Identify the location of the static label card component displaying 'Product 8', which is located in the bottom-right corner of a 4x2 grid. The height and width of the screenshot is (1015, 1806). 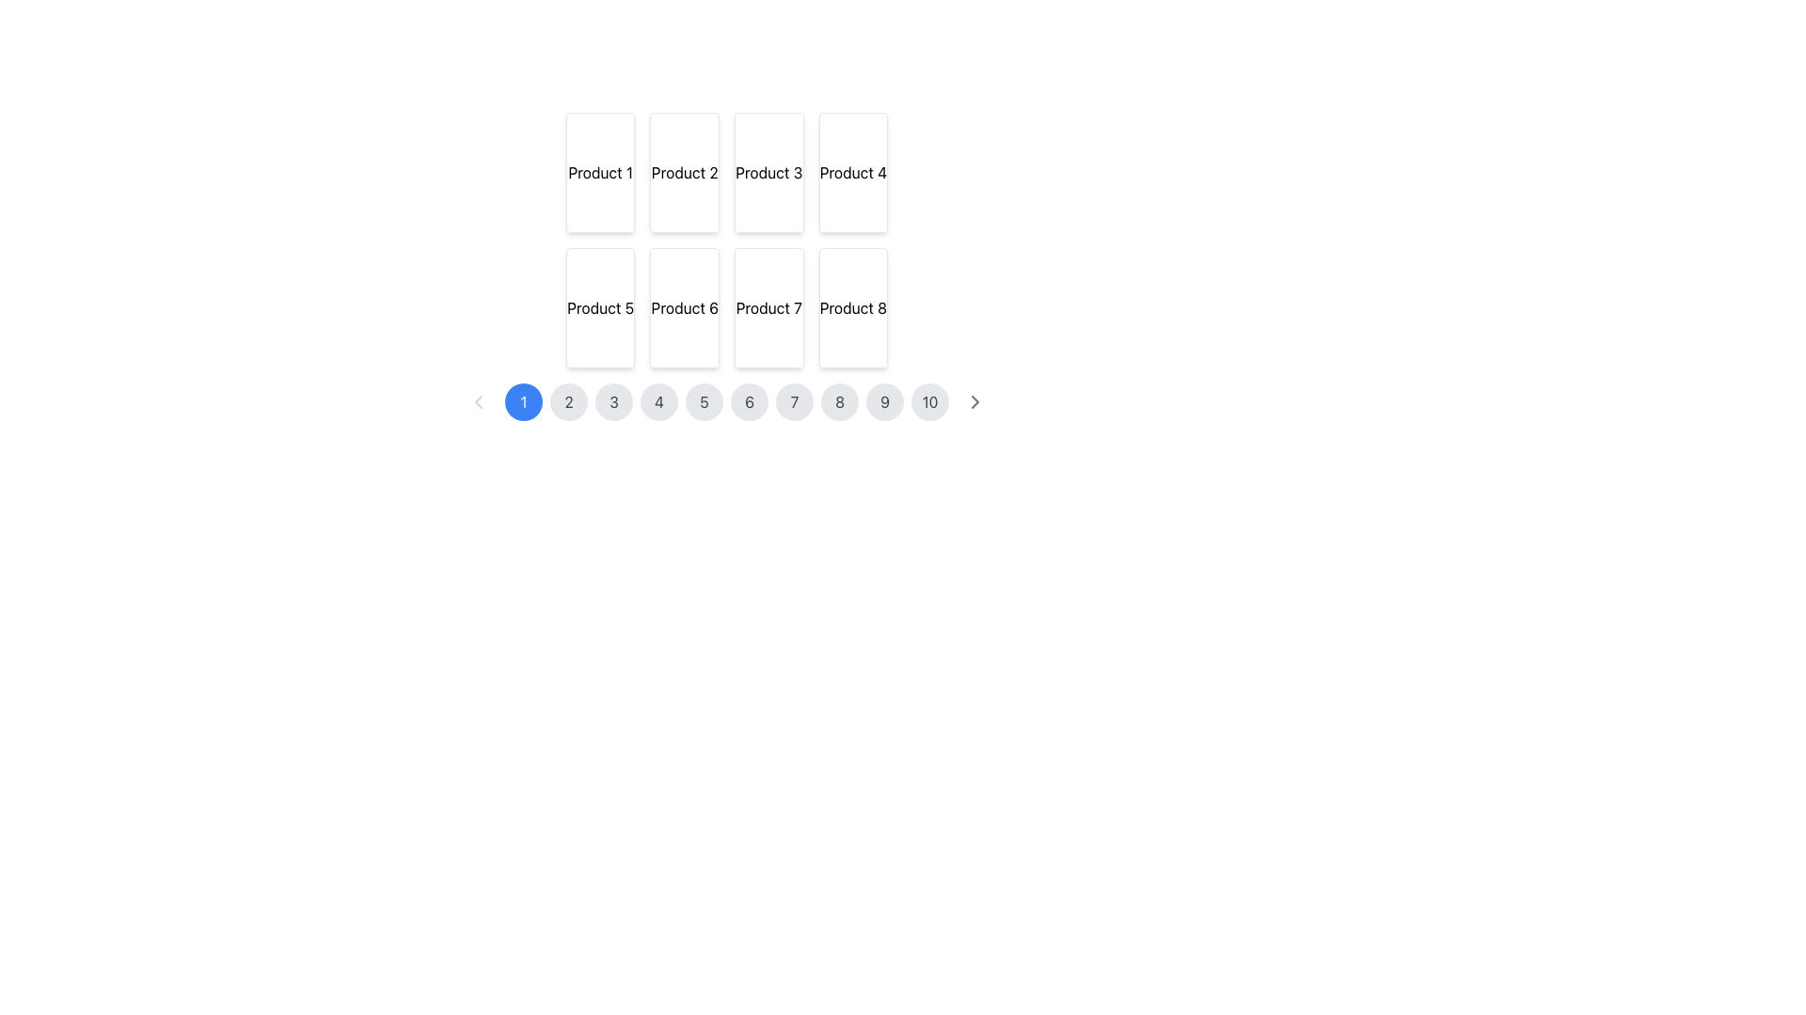
(852, 306).